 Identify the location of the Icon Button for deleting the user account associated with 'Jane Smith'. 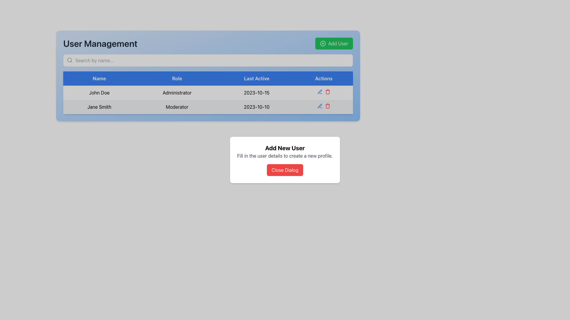
(327, 106).